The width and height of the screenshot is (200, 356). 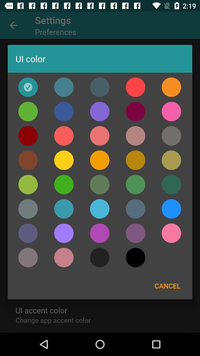 What do you see at coordinates (100, 160) in the screenshot?
I see `color` at bounding box center [100, 160].